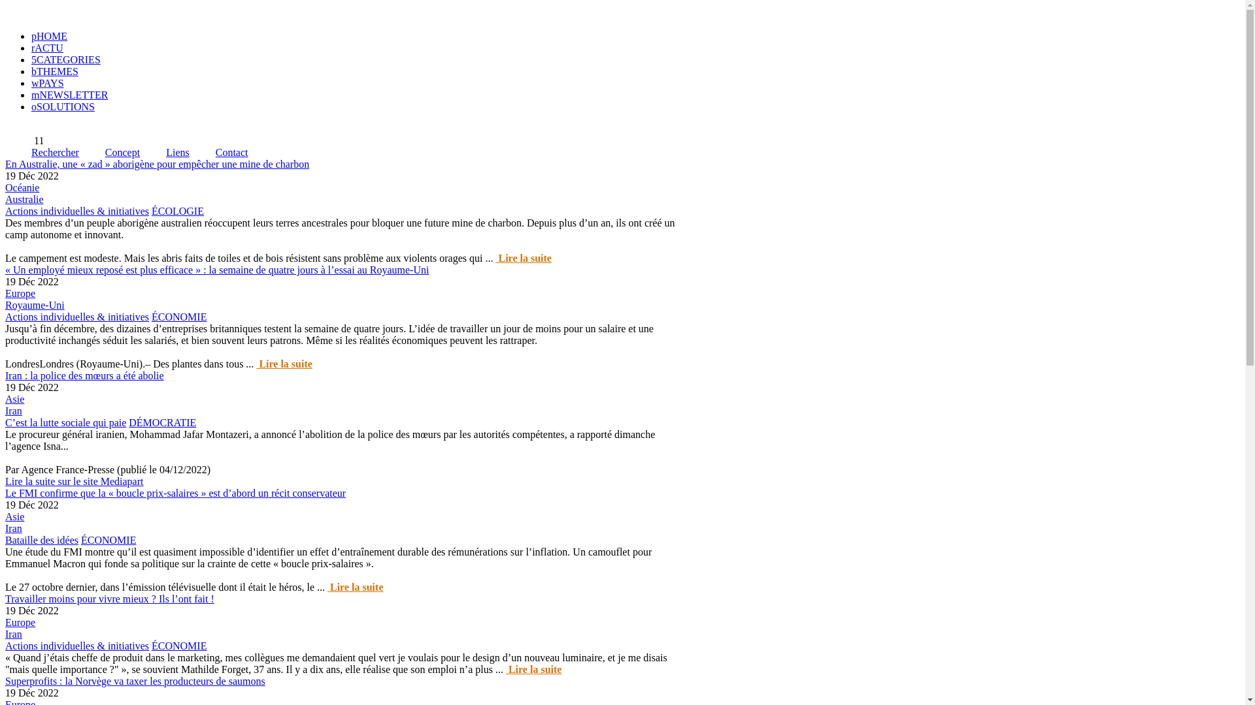 The height and width of the screenshot is (705, 1255). What do you see at coordinates (47, 83) in the screenshot?
I see `'wPAYS'` at bounding box center [47, 83].